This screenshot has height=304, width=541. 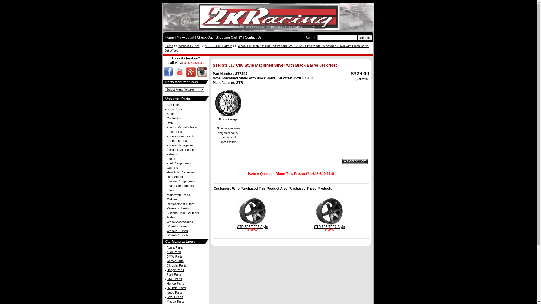 What do you see at coordinates (169, 37) in the screenshot?
I see `'Home'` at bounding box center [169, 37].